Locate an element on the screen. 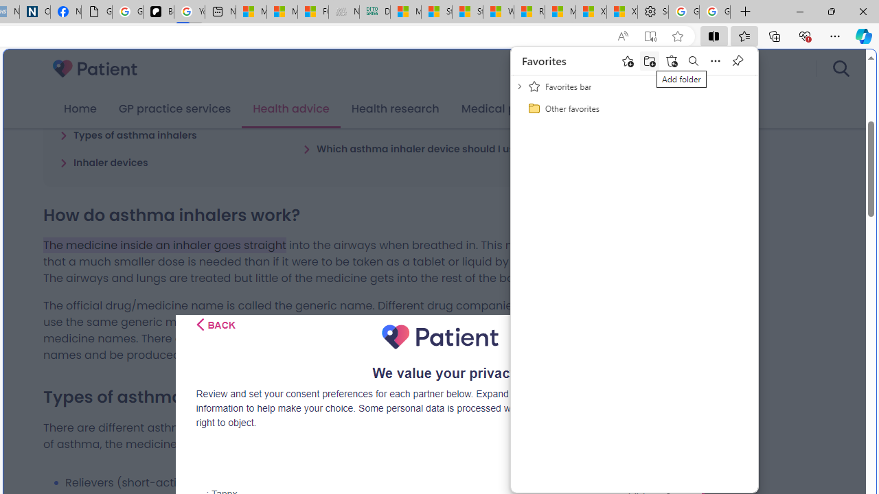 This screenshot has height=494, width=879. 'Search favorites' is located at coordinates (693, 60).